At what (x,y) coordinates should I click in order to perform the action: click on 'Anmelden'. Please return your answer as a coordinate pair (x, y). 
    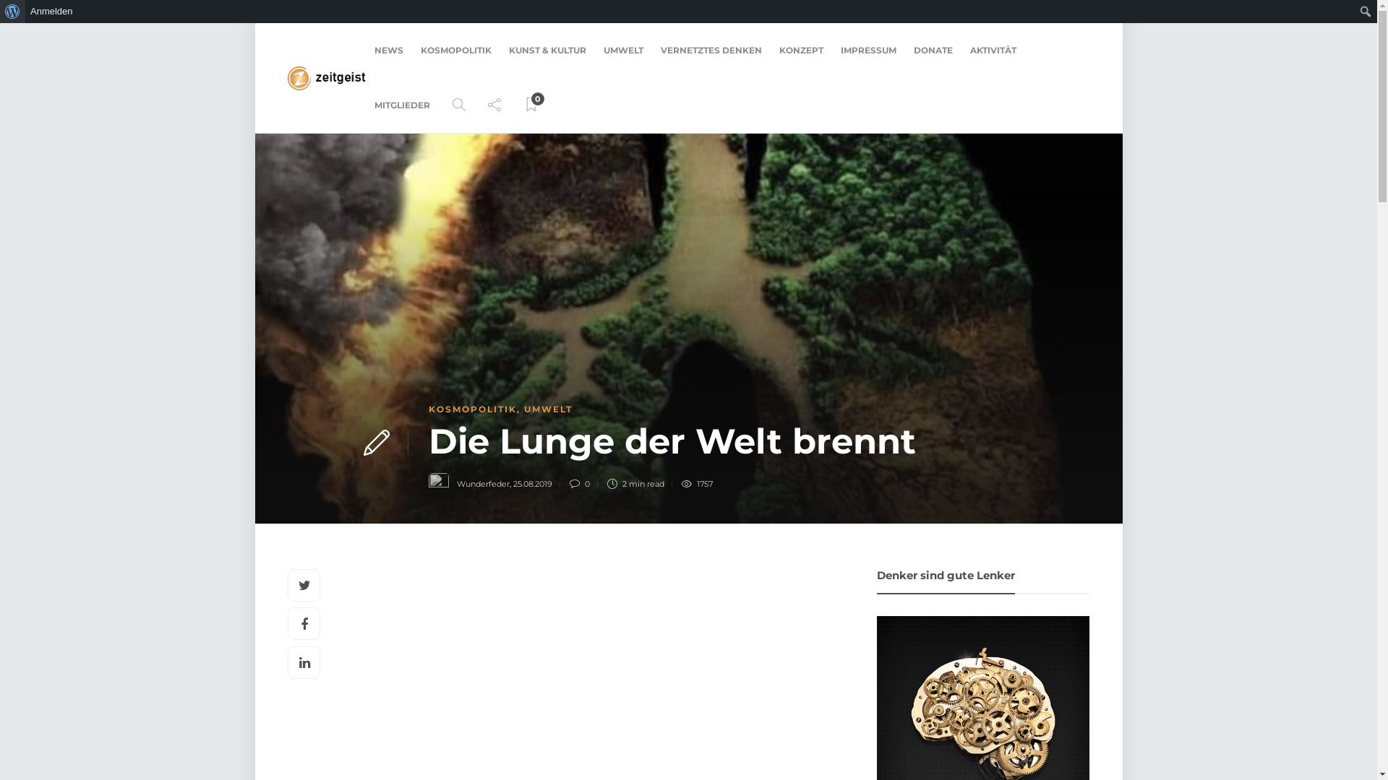
    Looking at the image, I should click on (25, 11).